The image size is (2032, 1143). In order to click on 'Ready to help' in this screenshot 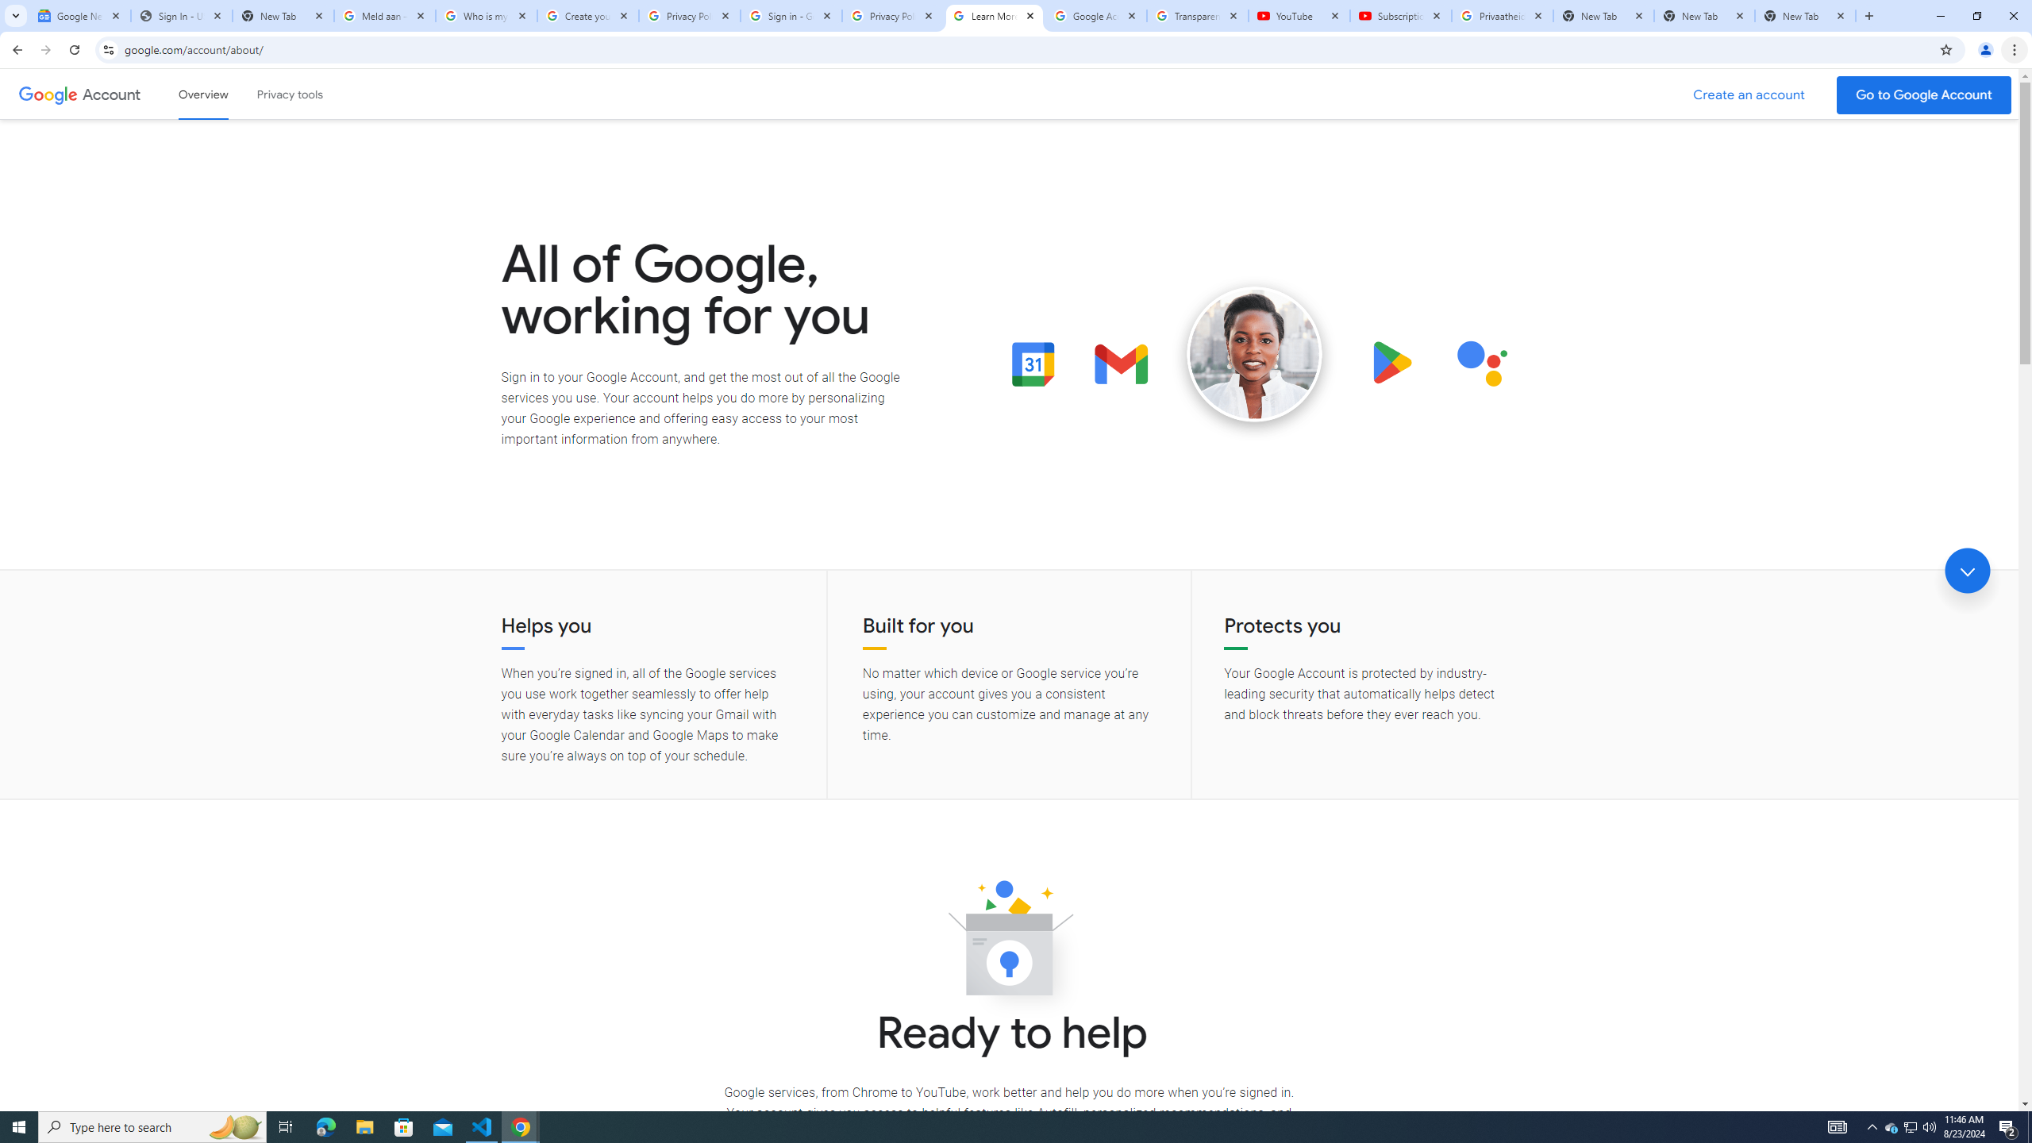, I will do `click(1009, 942)`.